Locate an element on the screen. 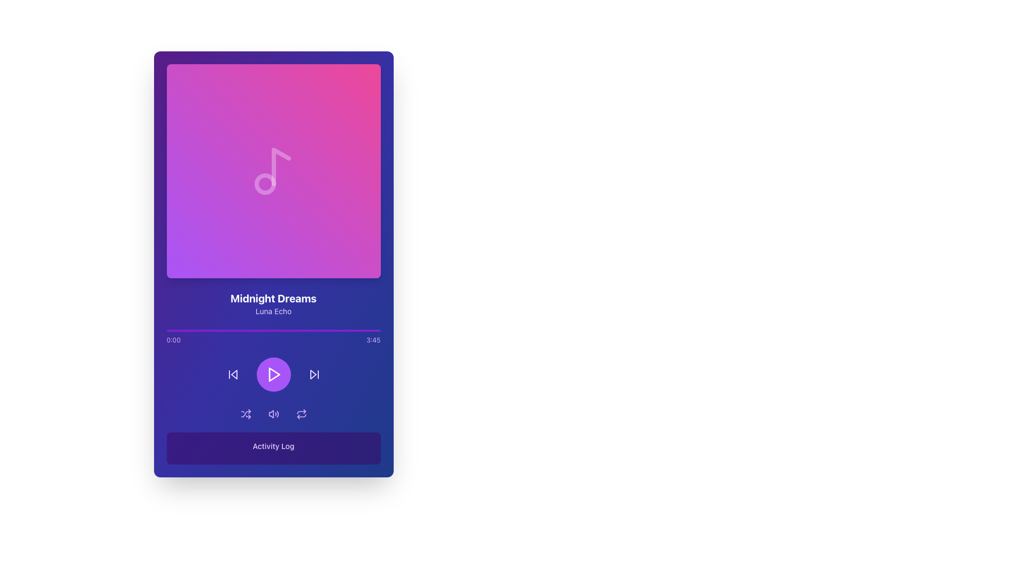  the text label displaying '0:00' in light purple, located in the lower left section of the interface is located at coordinates (173, 340).